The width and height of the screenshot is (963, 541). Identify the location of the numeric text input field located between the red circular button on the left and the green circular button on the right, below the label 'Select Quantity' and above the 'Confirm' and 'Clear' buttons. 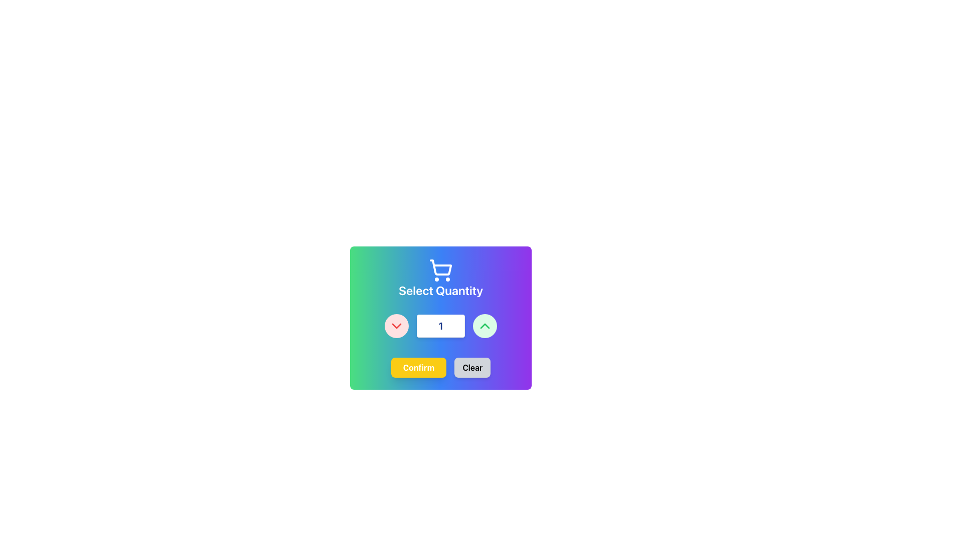
(440, 326).